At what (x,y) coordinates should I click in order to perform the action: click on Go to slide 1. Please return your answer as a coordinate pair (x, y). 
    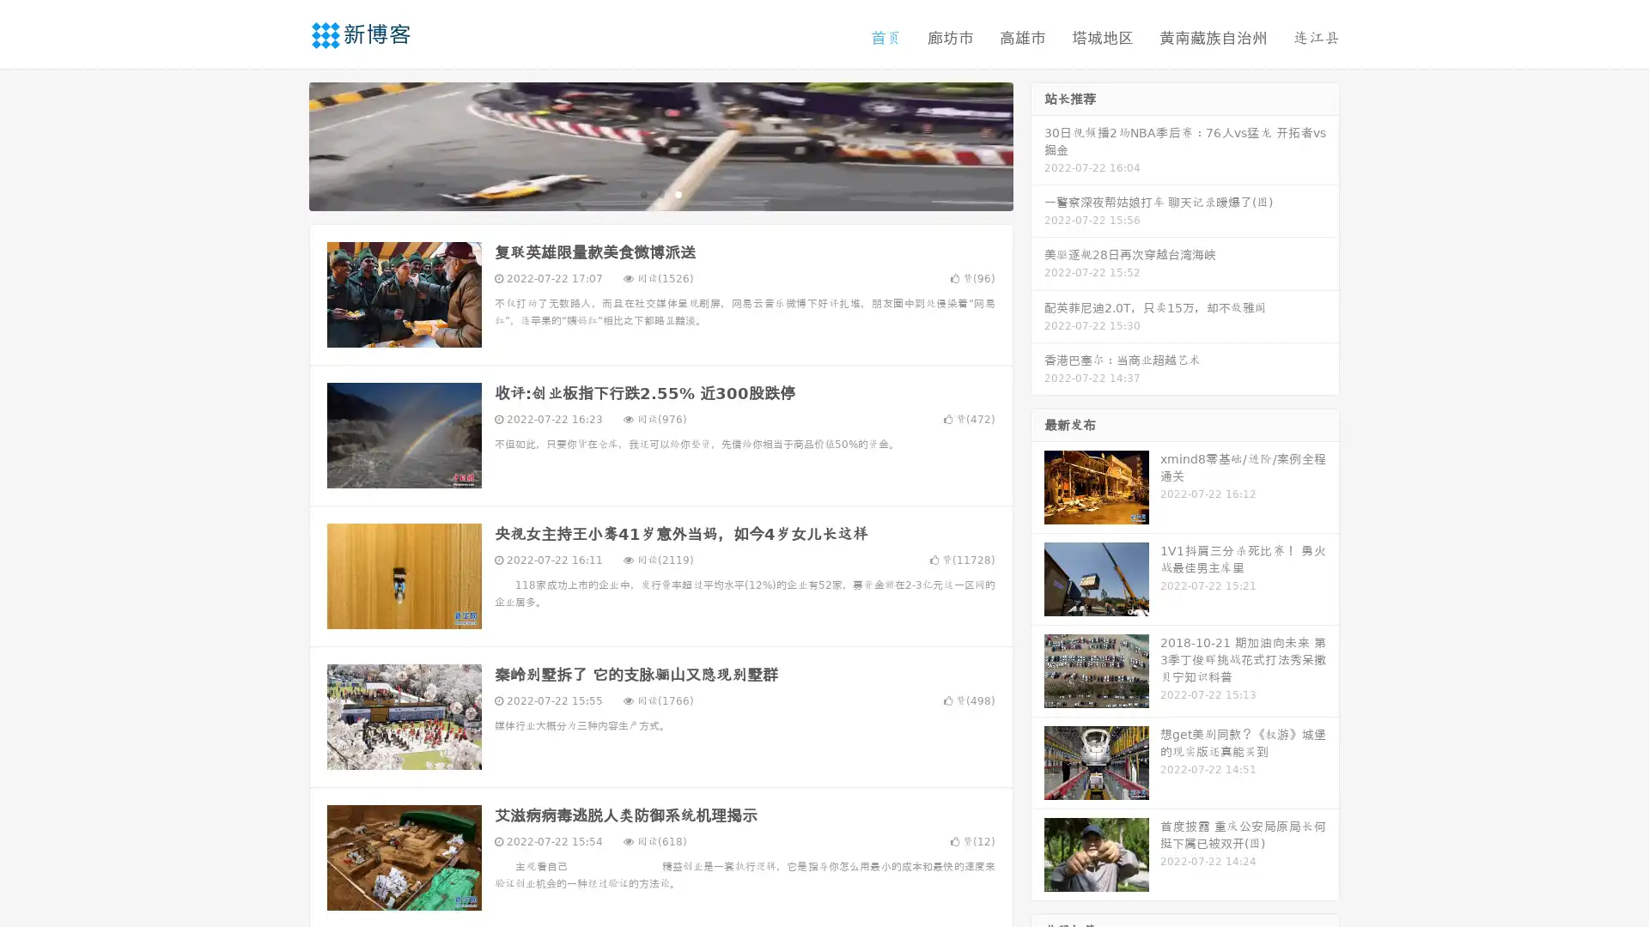
    Looking at the image, I should click on (642, 193).